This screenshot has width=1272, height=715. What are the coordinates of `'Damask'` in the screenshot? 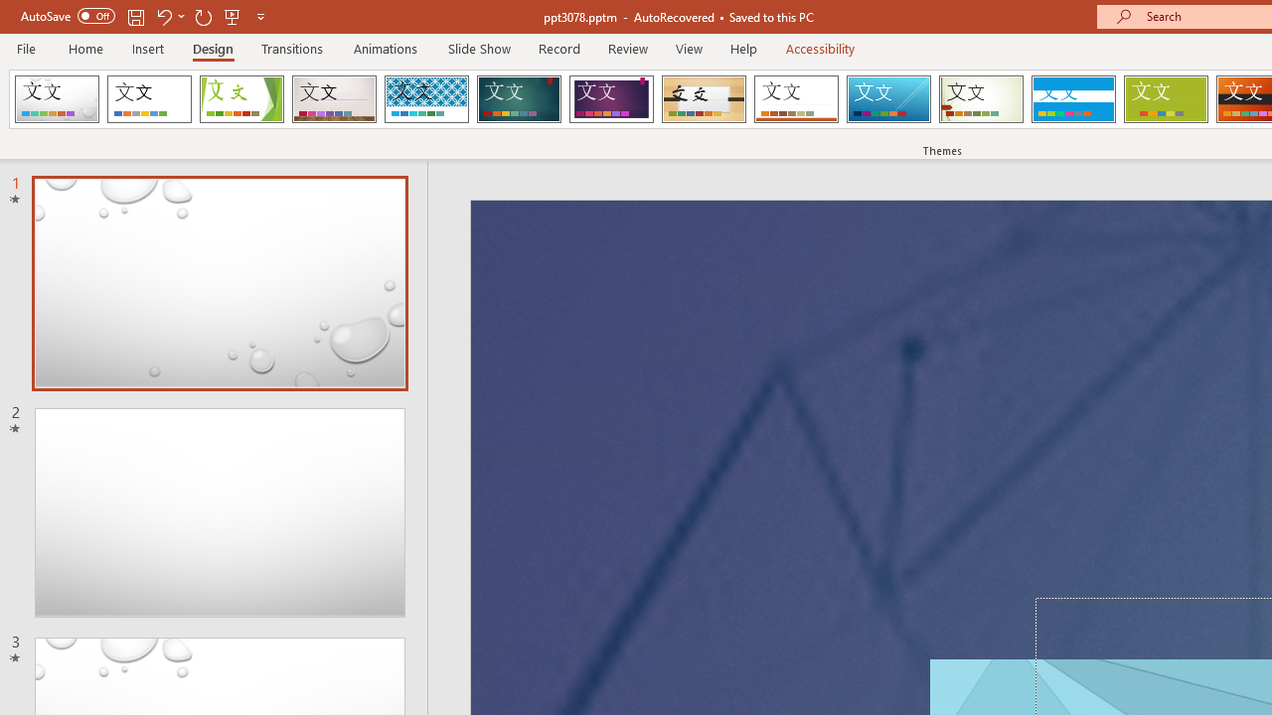 It's located at (57, 99).